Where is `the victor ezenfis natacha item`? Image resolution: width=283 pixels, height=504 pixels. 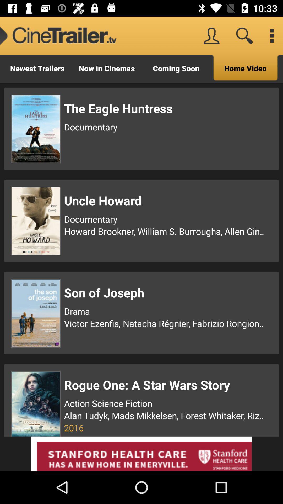 the victor ezenfis natacha item is located at coordinates (165, 323).